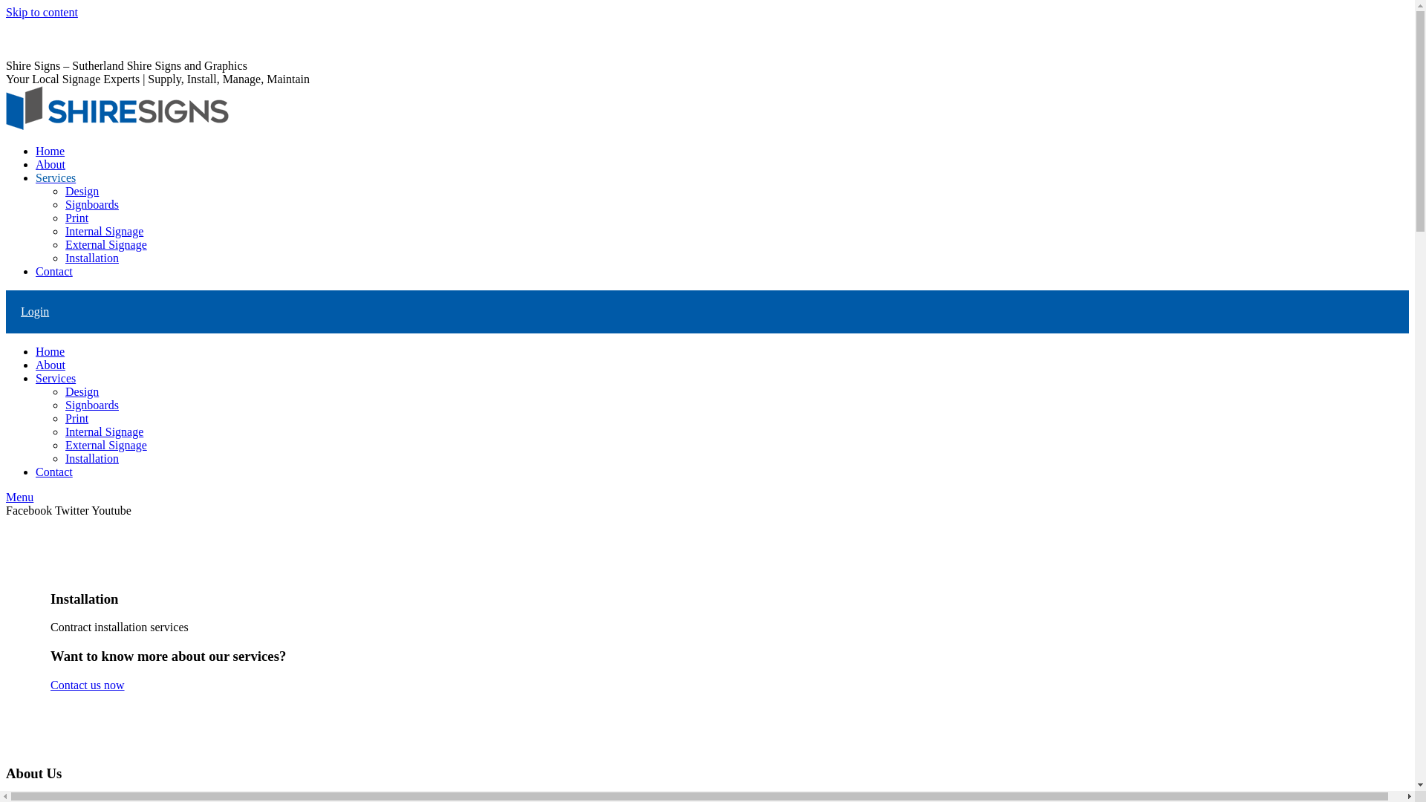 The height and width of the screenshot is (802, 1426). Describe the element at coordinates (87, 685) in the screenshot. I see `'Contact us now'` at that location.